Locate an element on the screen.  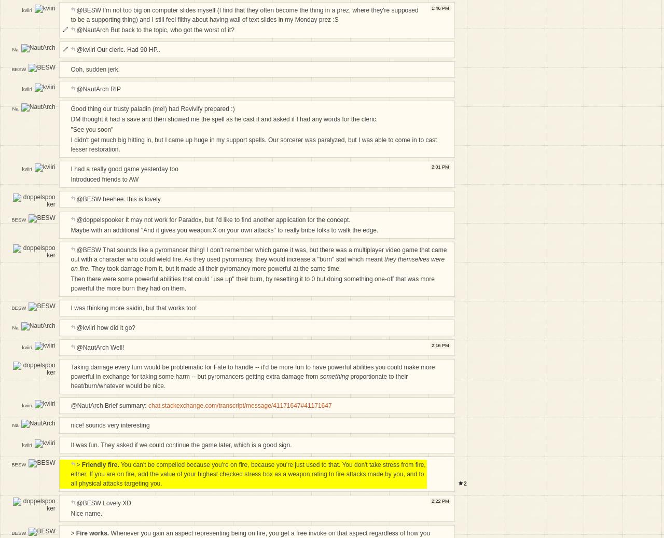
'they themselves were on fire.' is located at coordinates (257, 263).